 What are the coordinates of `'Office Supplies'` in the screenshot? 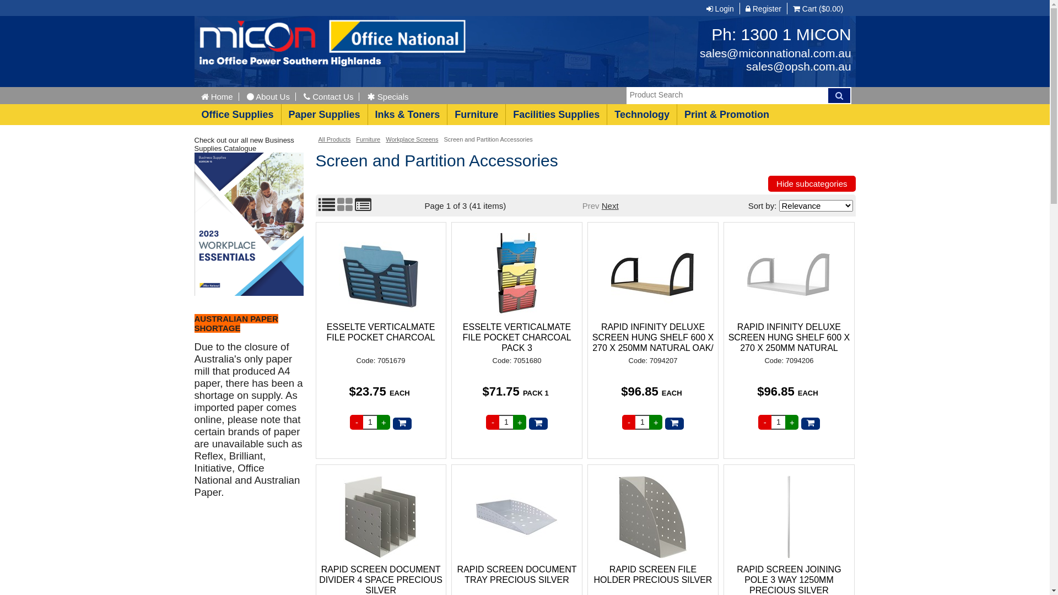 It's located at (236, 115).